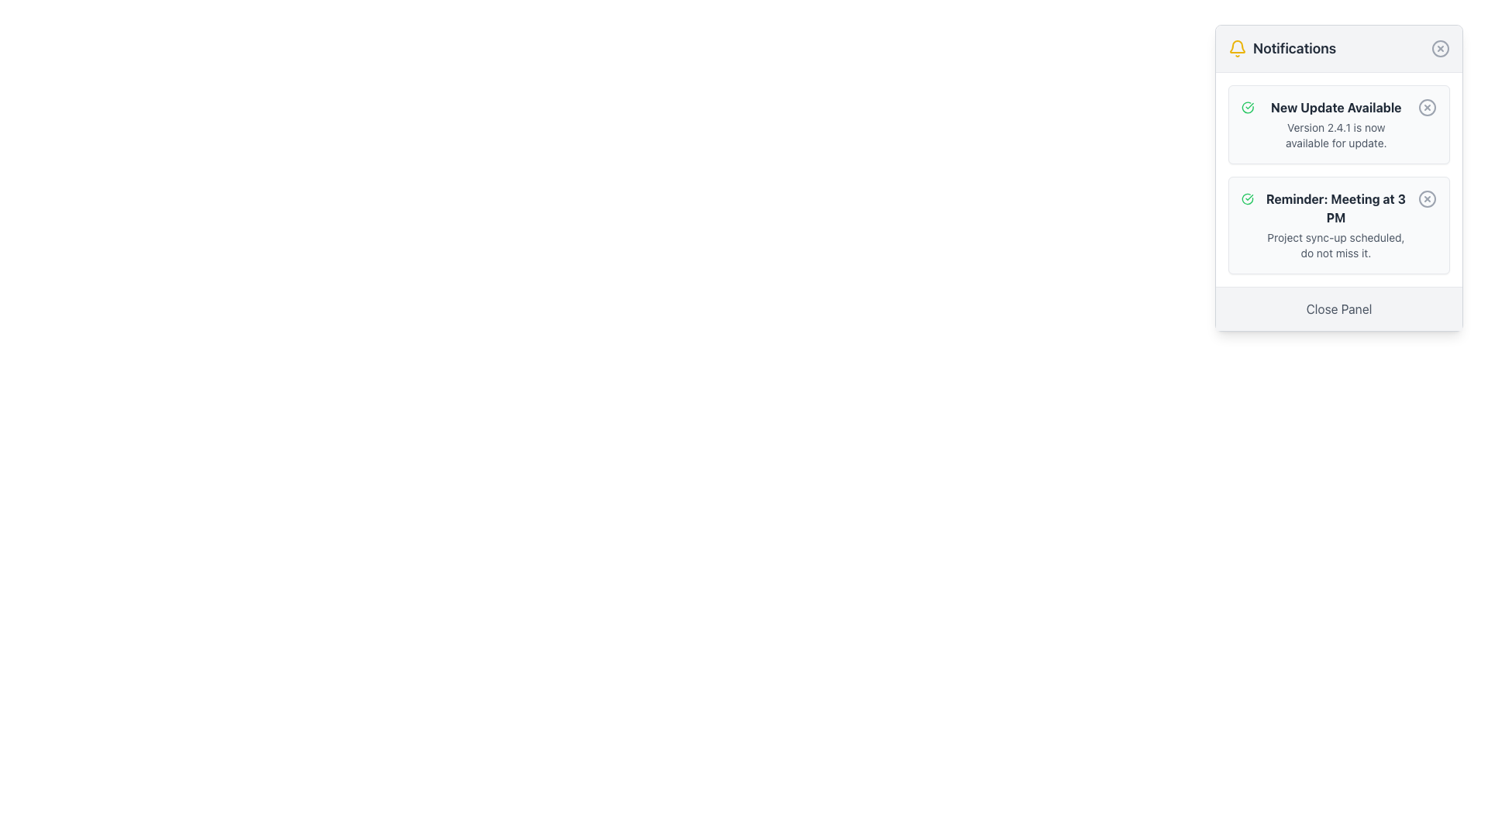 The image size is (1488, 837). Describe the element at coordinates (1439, 47) in the screenshot. I see `the close button icon located in the top-right corner of the notifications panel, which allows users to dismiss the panel` at that location.